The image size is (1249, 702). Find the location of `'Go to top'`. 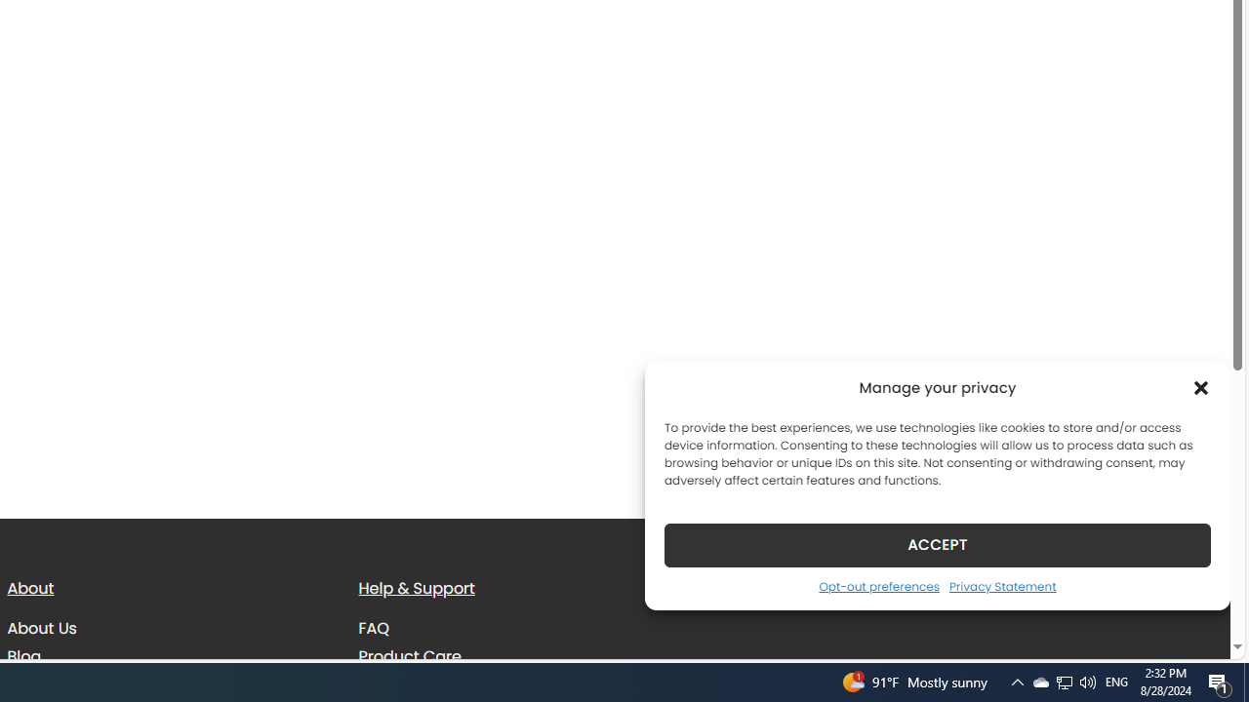

'Go to top' is located at coordinates (1189, 632).